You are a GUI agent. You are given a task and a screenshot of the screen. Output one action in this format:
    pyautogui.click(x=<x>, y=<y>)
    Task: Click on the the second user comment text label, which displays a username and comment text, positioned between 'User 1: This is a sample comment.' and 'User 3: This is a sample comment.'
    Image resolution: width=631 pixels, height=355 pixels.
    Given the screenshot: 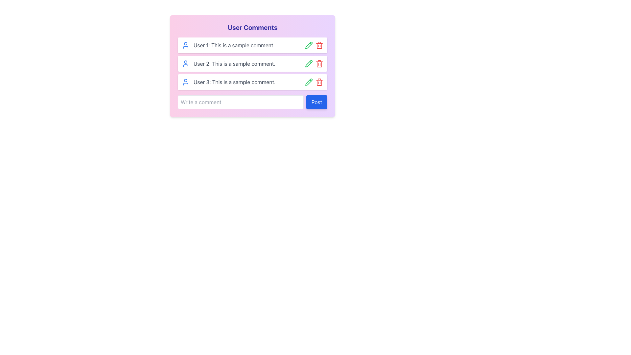 What is the action you would take?
    pyautogui.click(x=234, y=63)
    